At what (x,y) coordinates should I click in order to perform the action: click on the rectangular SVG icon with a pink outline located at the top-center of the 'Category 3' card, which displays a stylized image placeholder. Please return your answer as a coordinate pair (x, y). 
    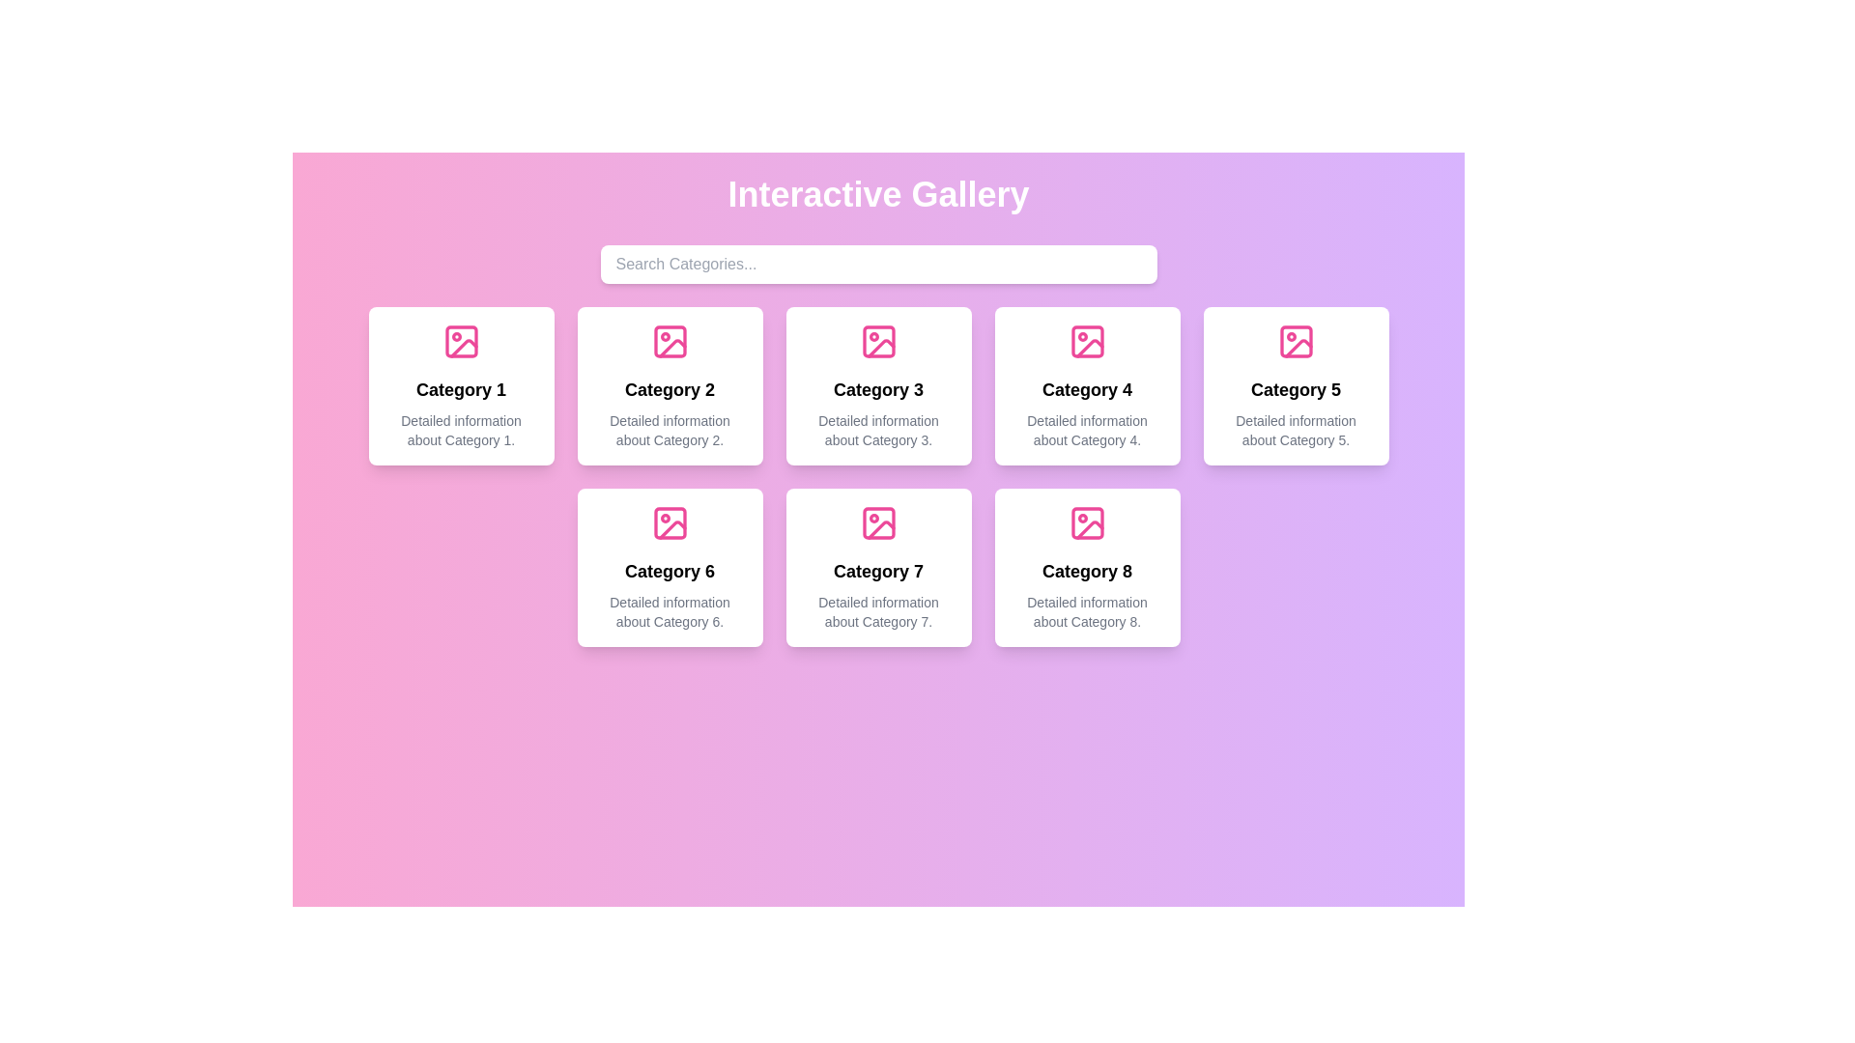
    Looking at the image, I should click on (877, 341).